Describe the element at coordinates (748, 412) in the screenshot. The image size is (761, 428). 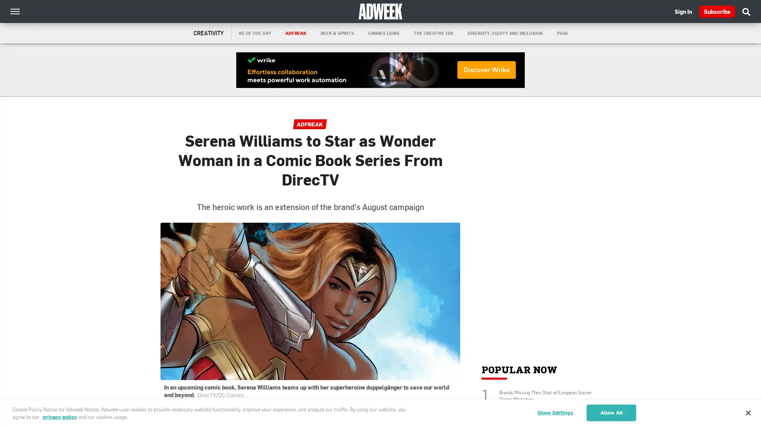
I see `Close` at that location.